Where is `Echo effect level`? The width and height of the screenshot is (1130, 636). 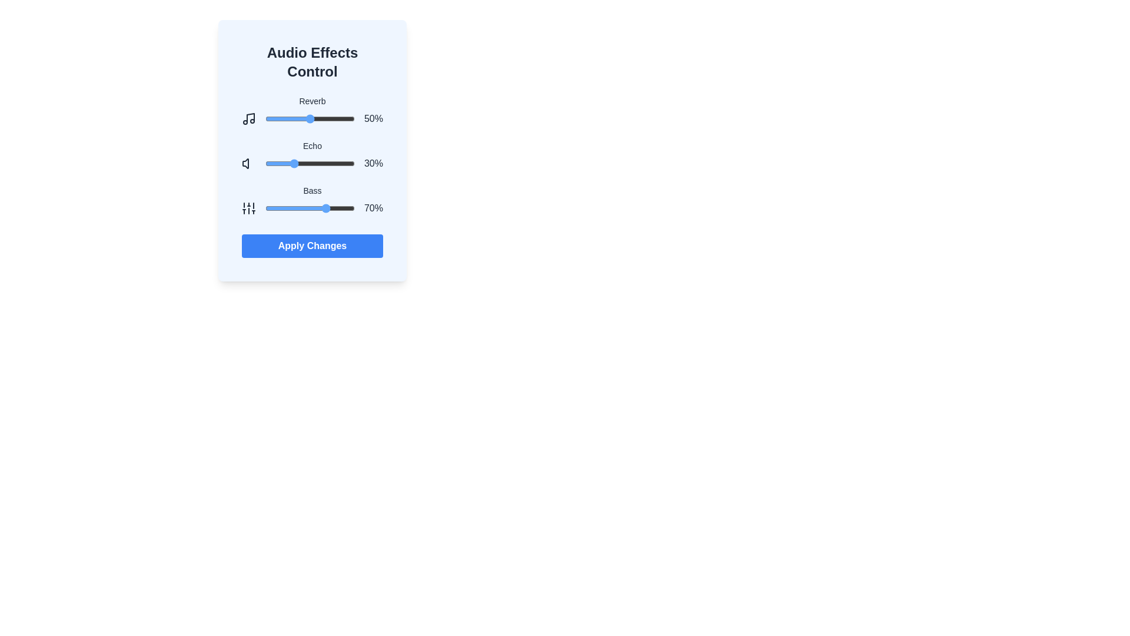 Echo effect level is located at coordinates (341, 163).